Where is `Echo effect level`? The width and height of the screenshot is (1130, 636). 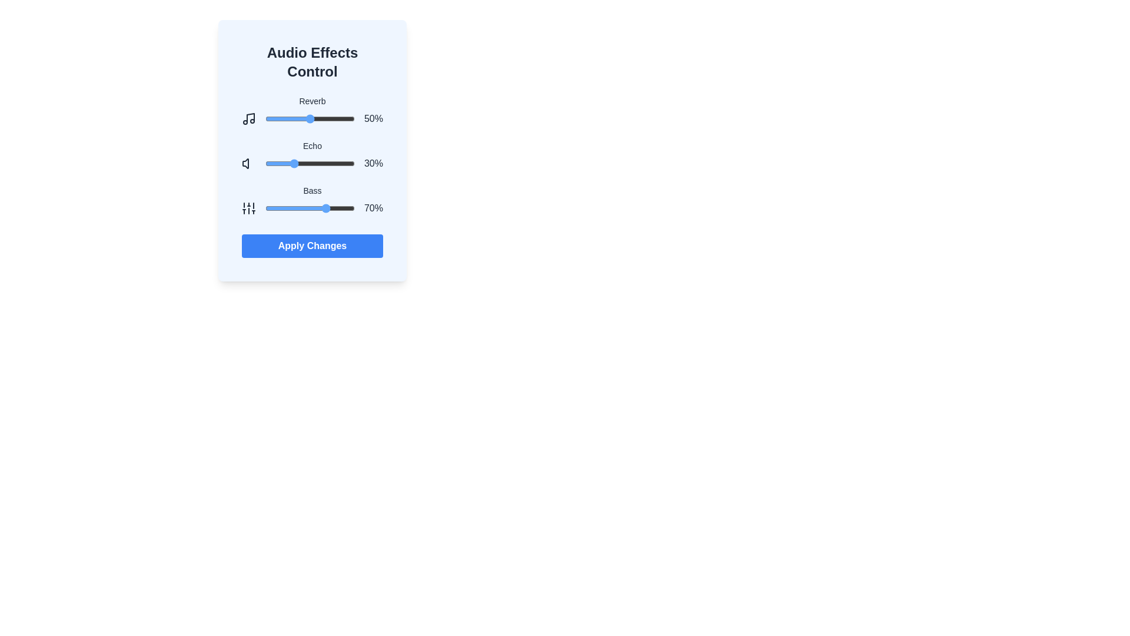 Echo effect level is located at coordinates (341, 163).